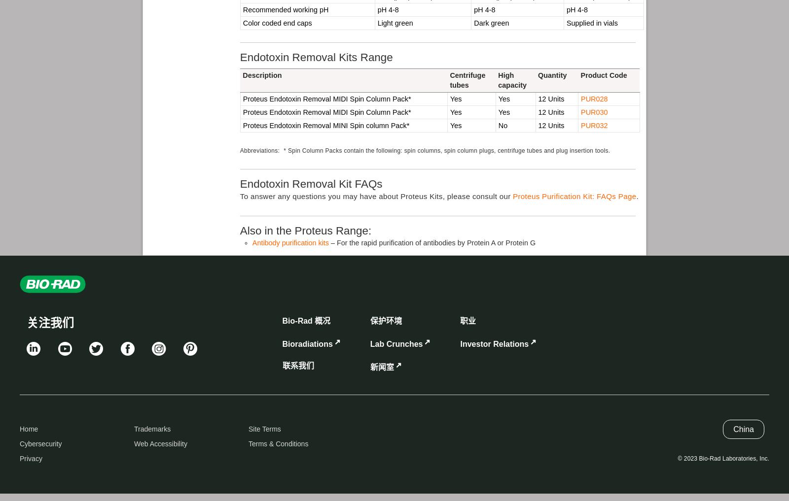 The width and height of the screenshot is (789, 501). Describe the element at coordinates (261, 74) in the screenshot. I see `'Description'` at that location.